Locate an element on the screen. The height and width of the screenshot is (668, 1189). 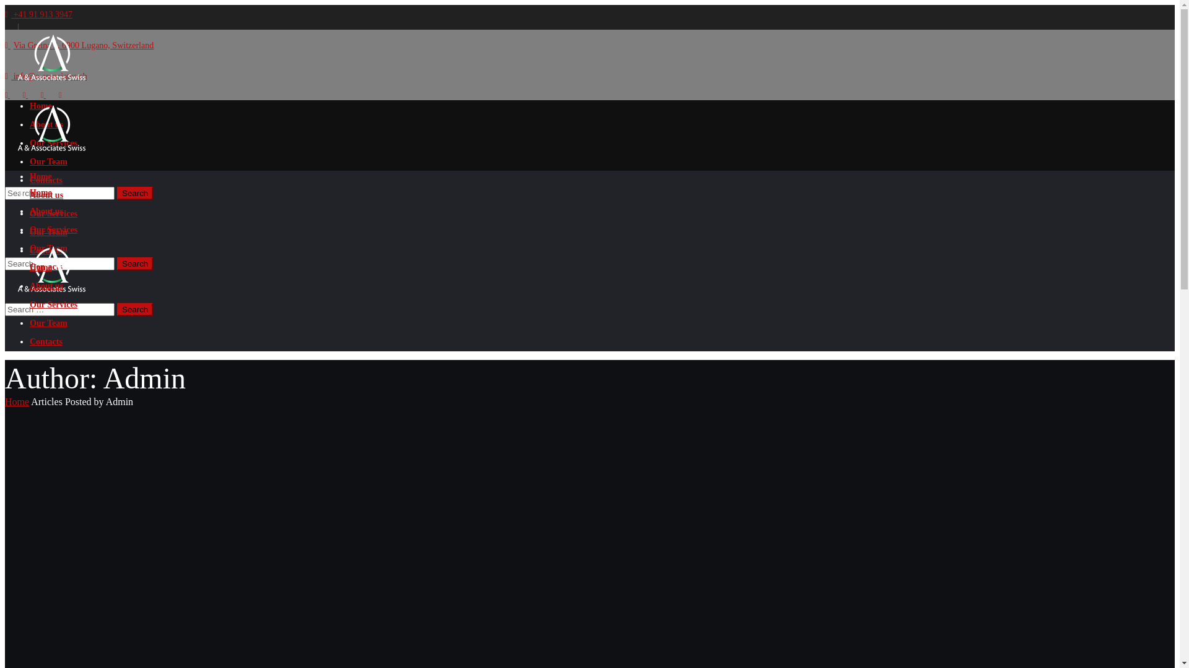
'Via Greina 2, 6900 Lugano, Switzerland' is located at coordinates (79, 45).